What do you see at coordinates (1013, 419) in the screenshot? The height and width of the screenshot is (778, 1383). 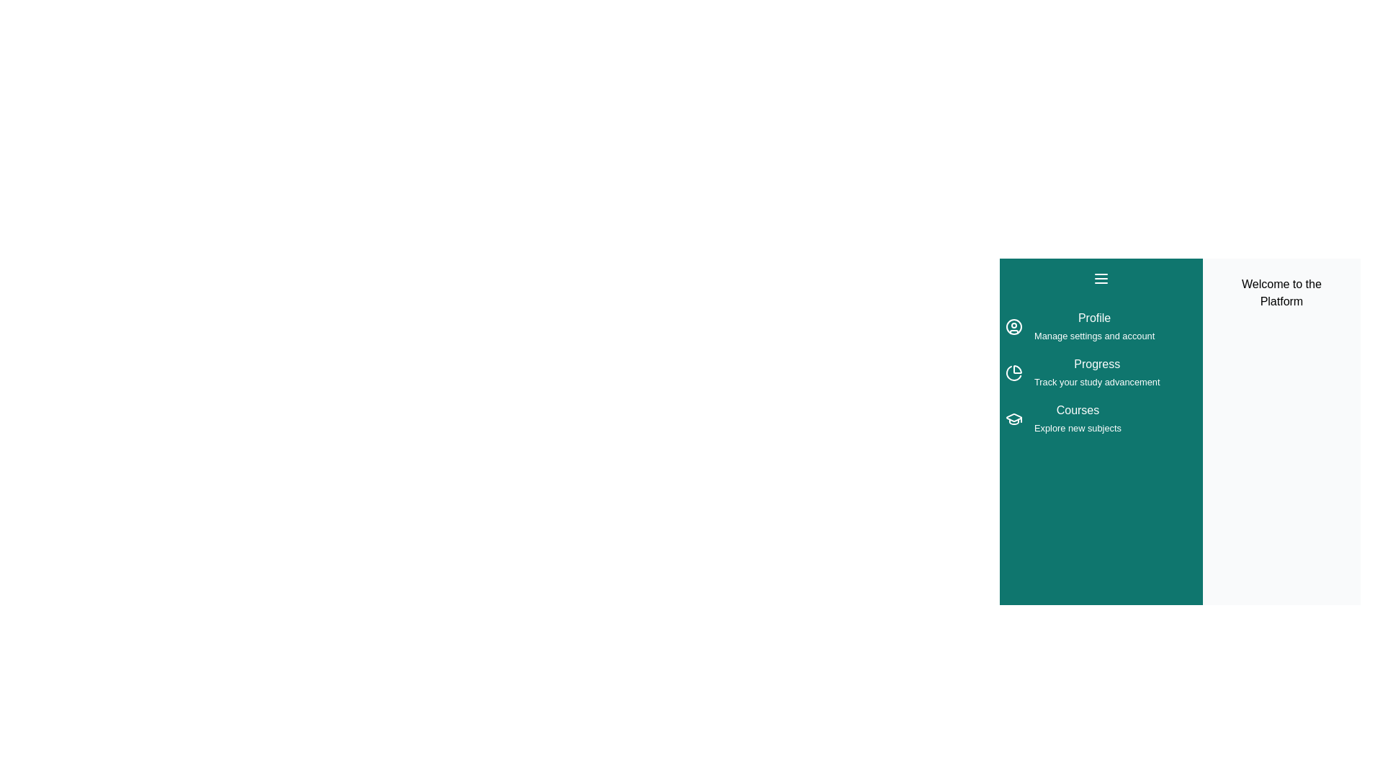 I see `the menu item Courses from the drawer` at bounding box center [1013, 419].